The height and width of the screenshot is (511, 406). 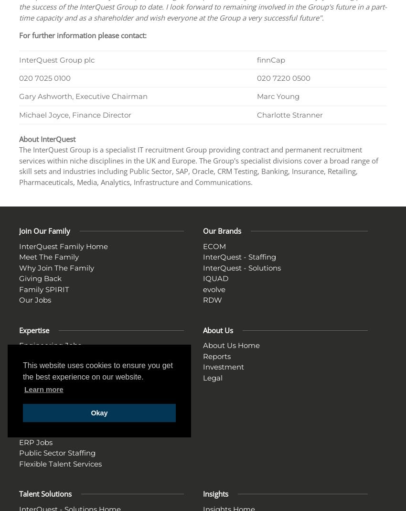 What do you see at coordinates (36, 431) in the screenshot?
I see `'ESM Jobs'` at bounding box center [36, 431].